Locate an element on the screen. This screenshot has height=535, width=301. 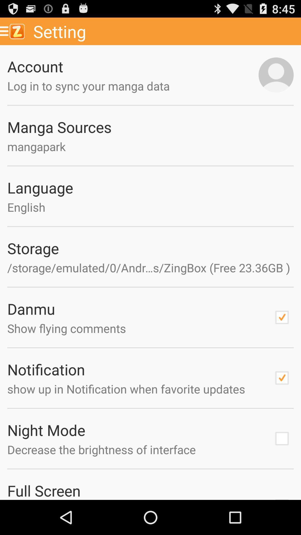
check mark box is located at coordinates (282, 497).